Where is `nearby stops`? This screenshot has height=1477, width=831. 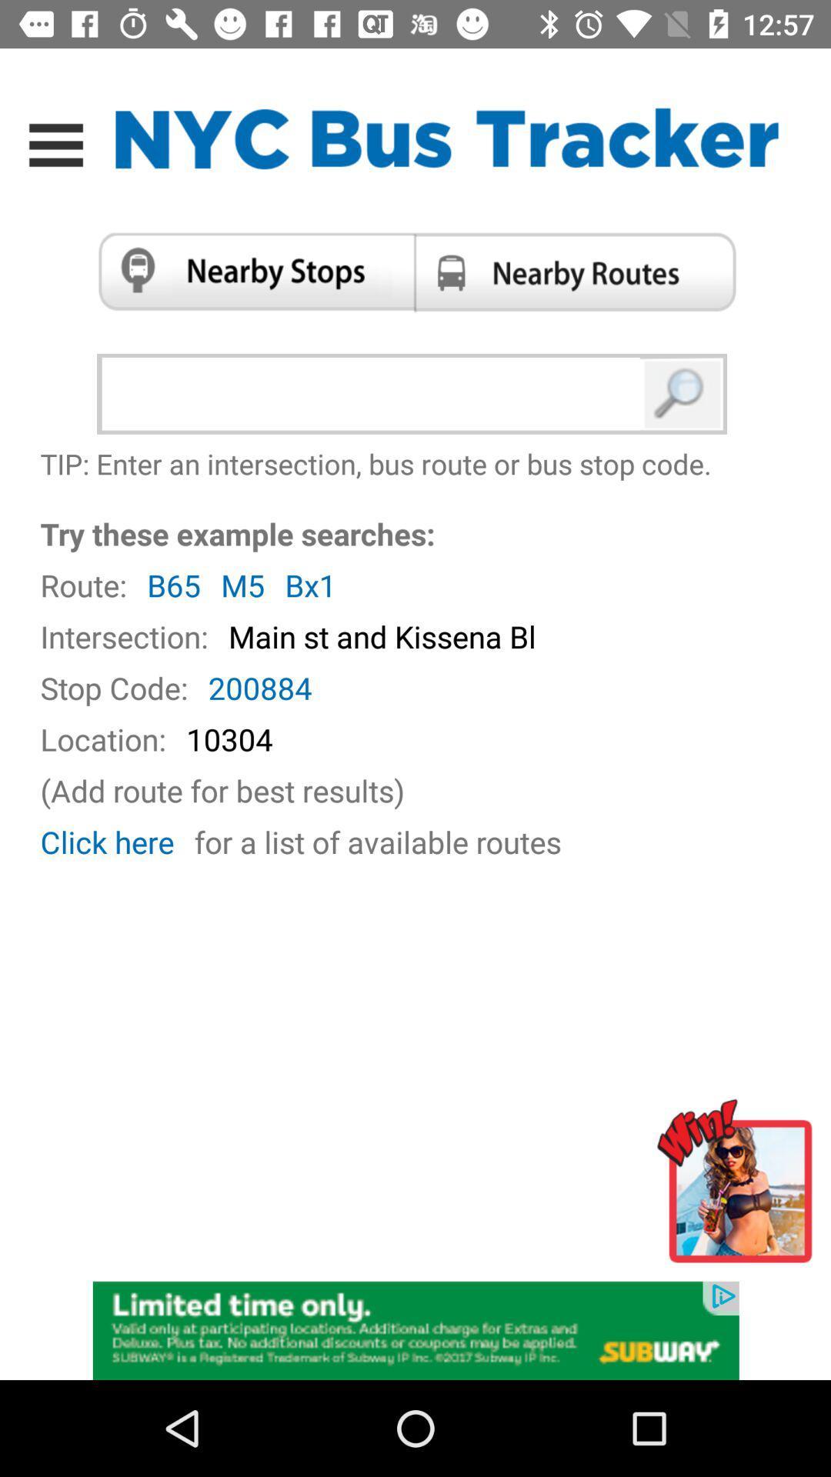 nearby stops is located at coordinates (249, 272).